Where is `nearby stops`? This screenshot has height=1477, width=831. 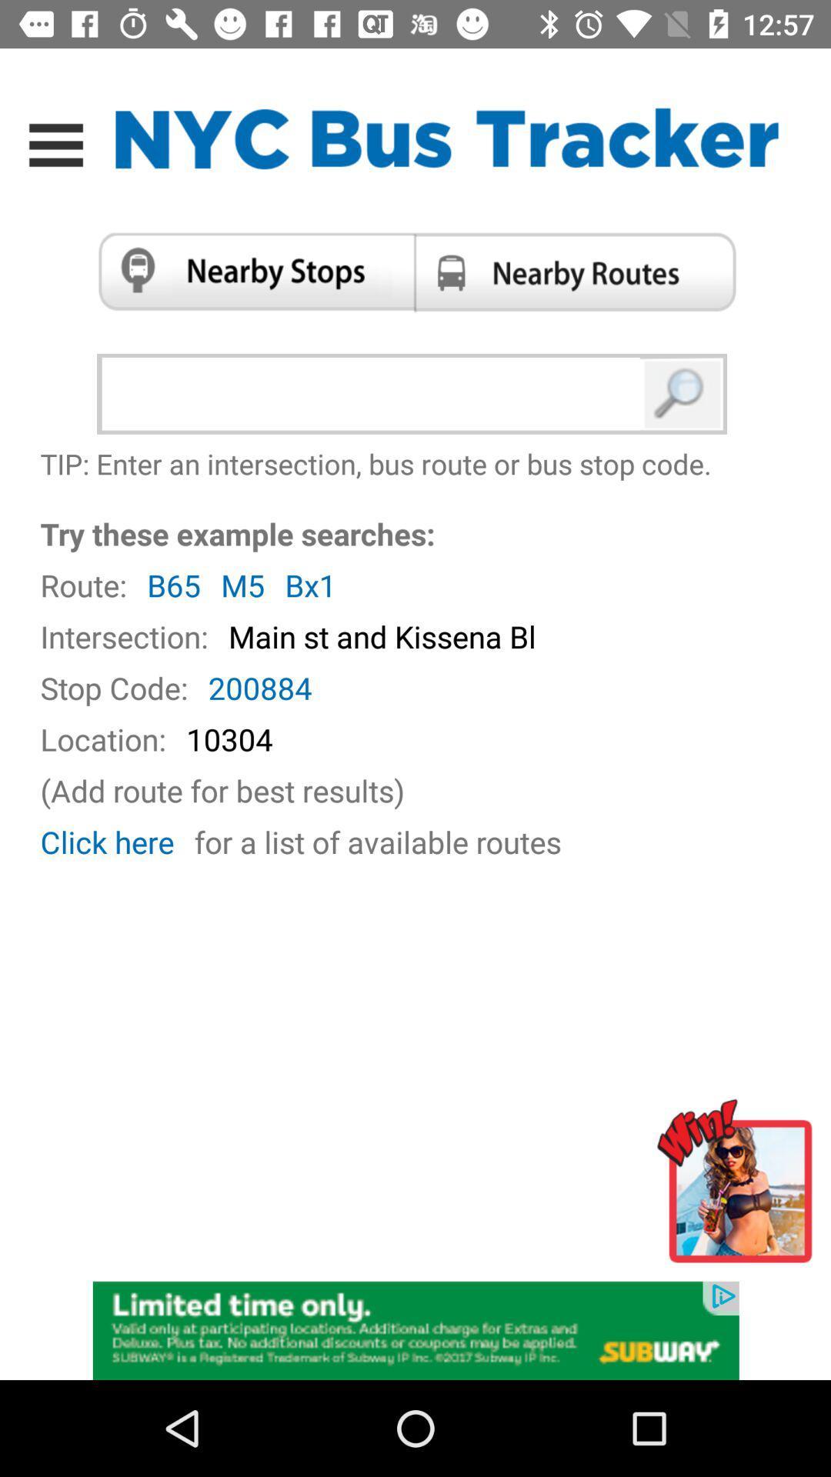 nearby stops is located at coordinates (249, 272).